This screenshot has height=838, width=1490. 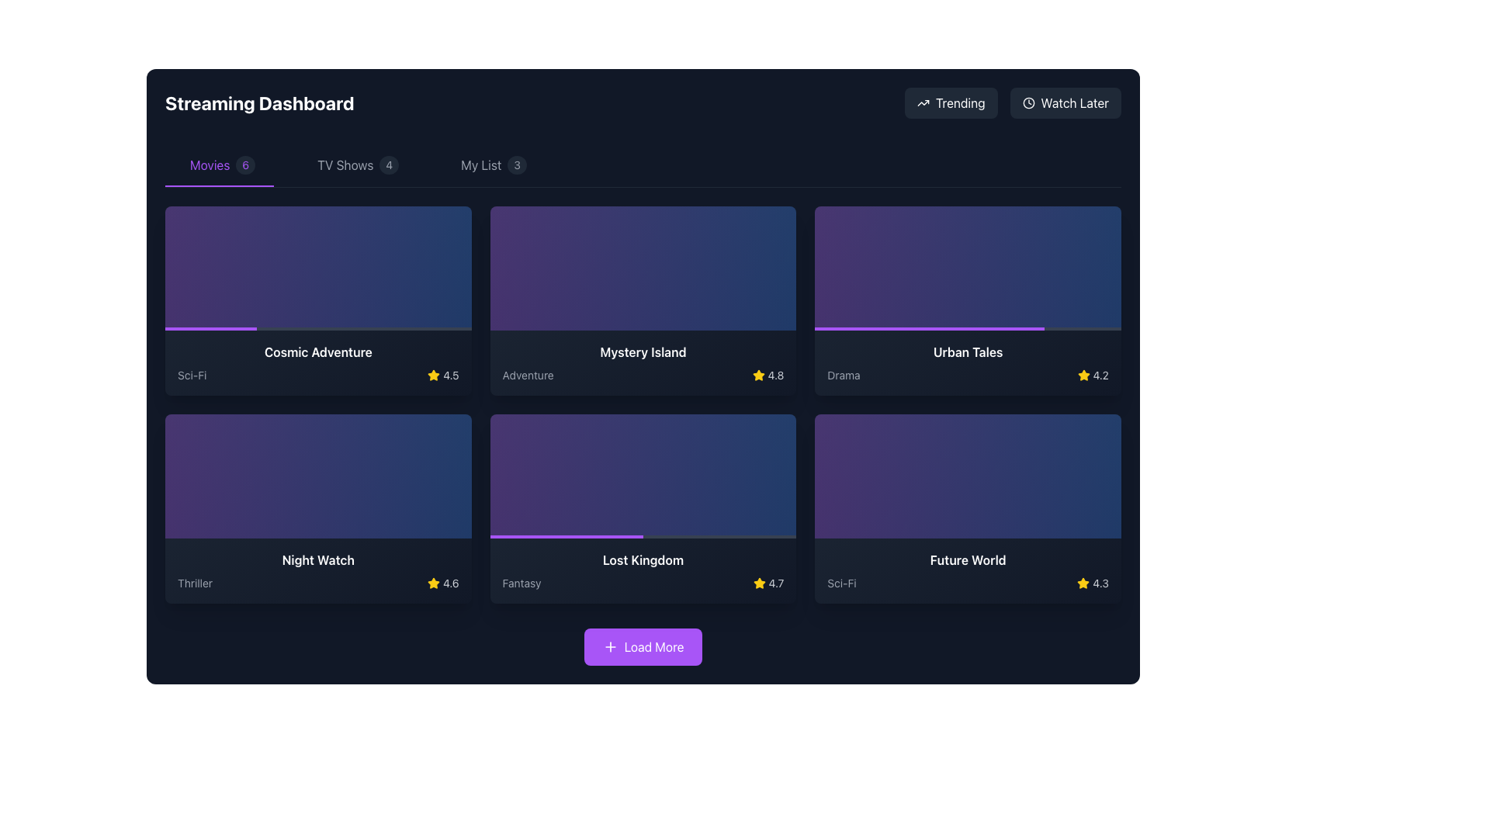 What do you see at coordinates (244, 164) in the screenshot?
I see `the Number badge indicating the count of items or notifications related to the 'Movies' category, positioned to the immediate right of the 'Movies' text in the navigation area` at bounding box center [244, 164].